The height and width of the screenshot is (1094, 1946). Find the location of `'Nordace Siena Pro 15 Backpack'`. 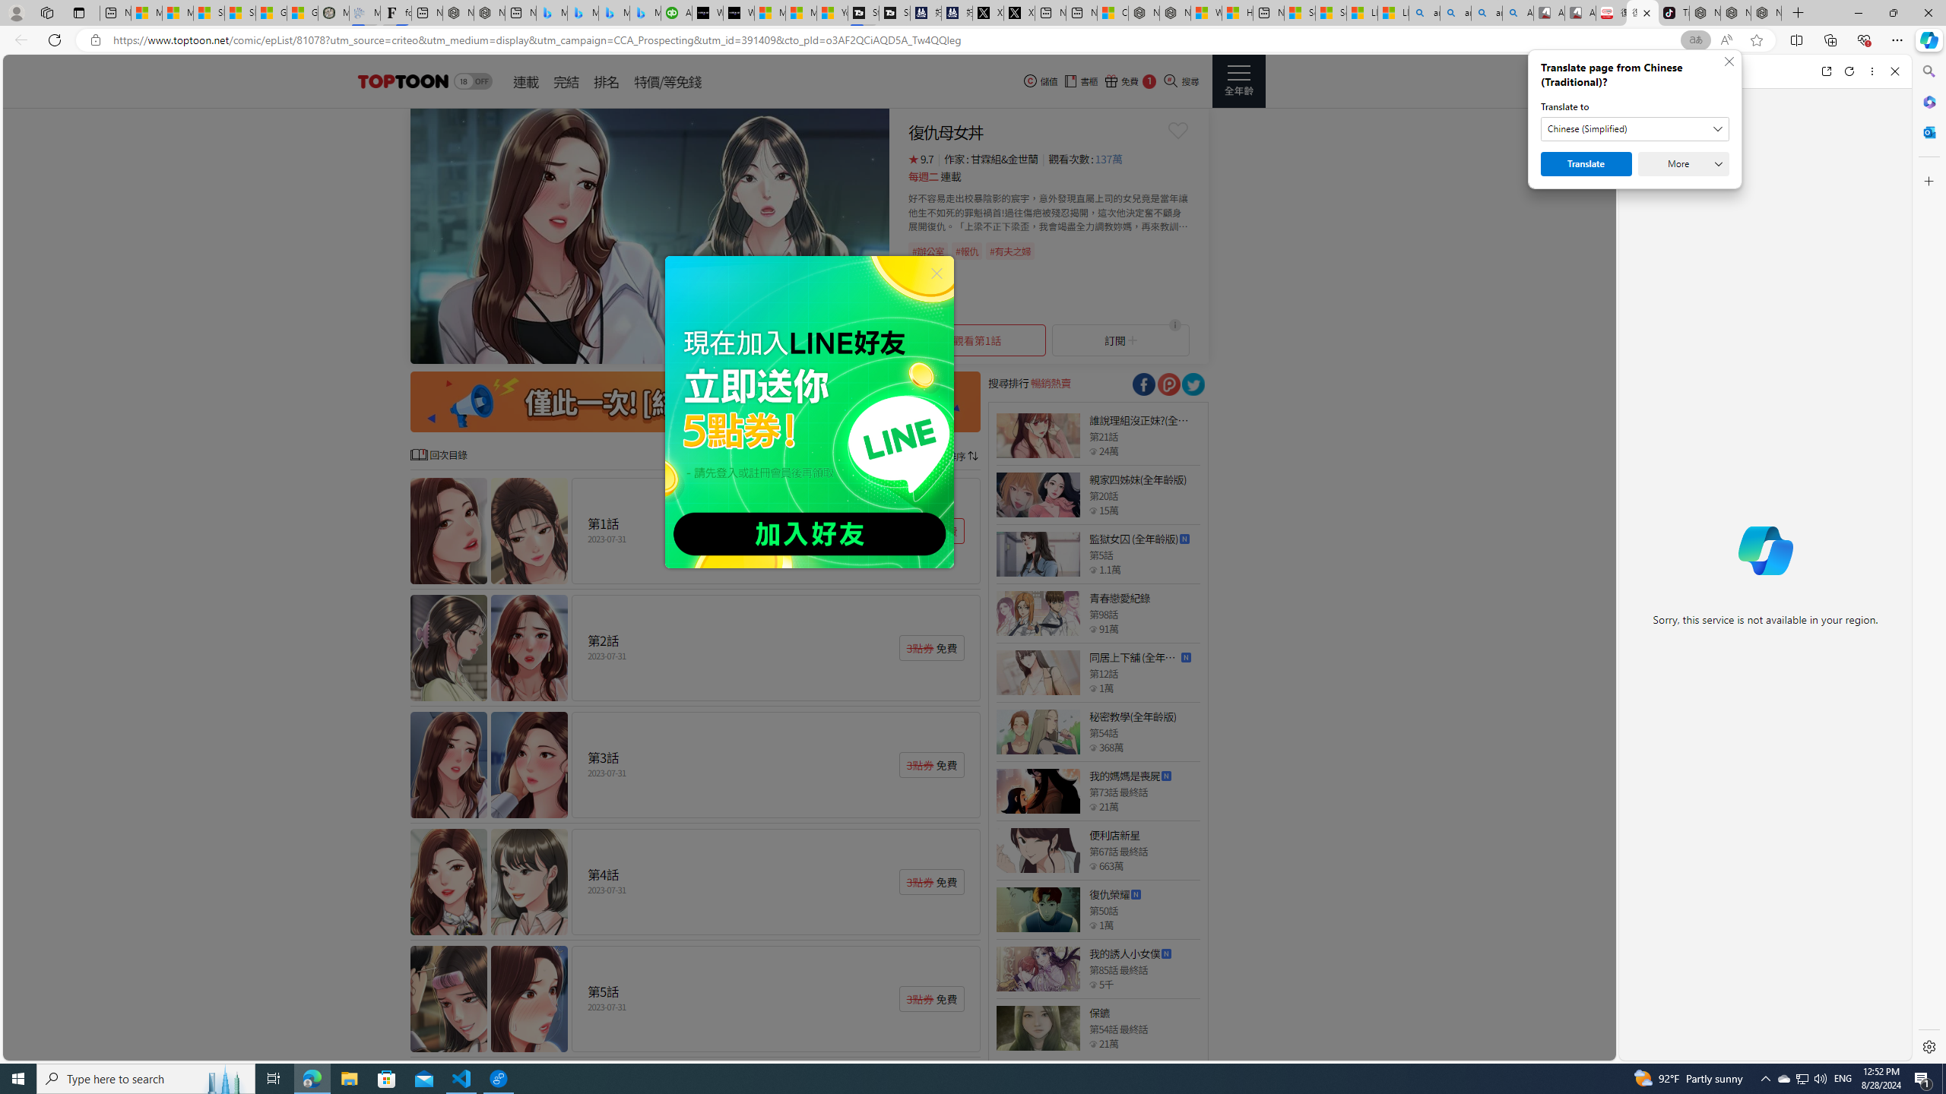

'Nordace Siena Pro 15 Backpack' is located at coordinates (1735, 12).